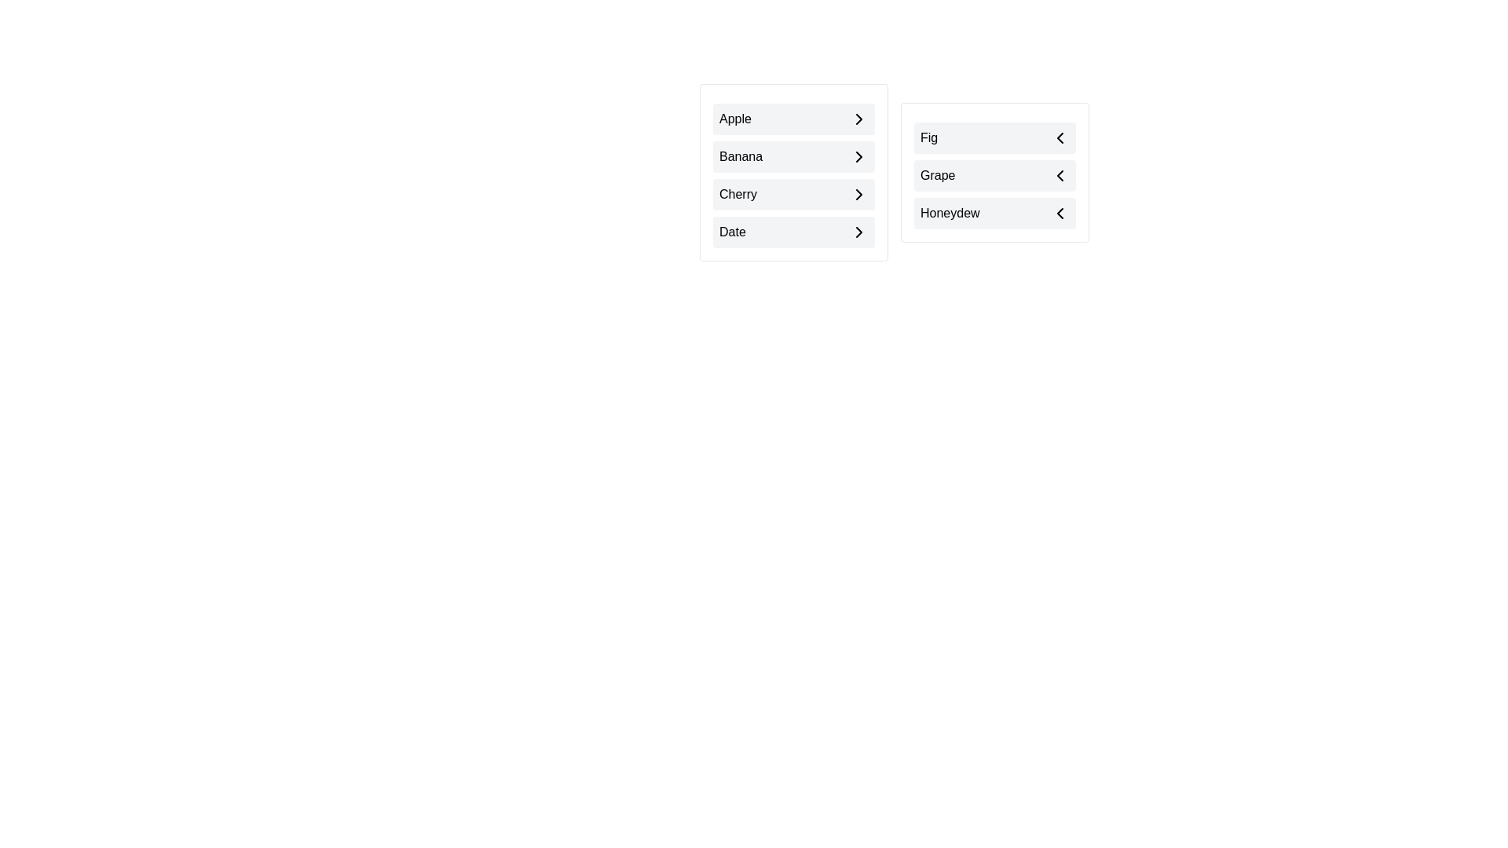 This screenshot has width=1508, height=848. What do you see at coordinates (794, 157) in the screenshot?
I see `the item Banana in the list` at bounding box center [794, 157].